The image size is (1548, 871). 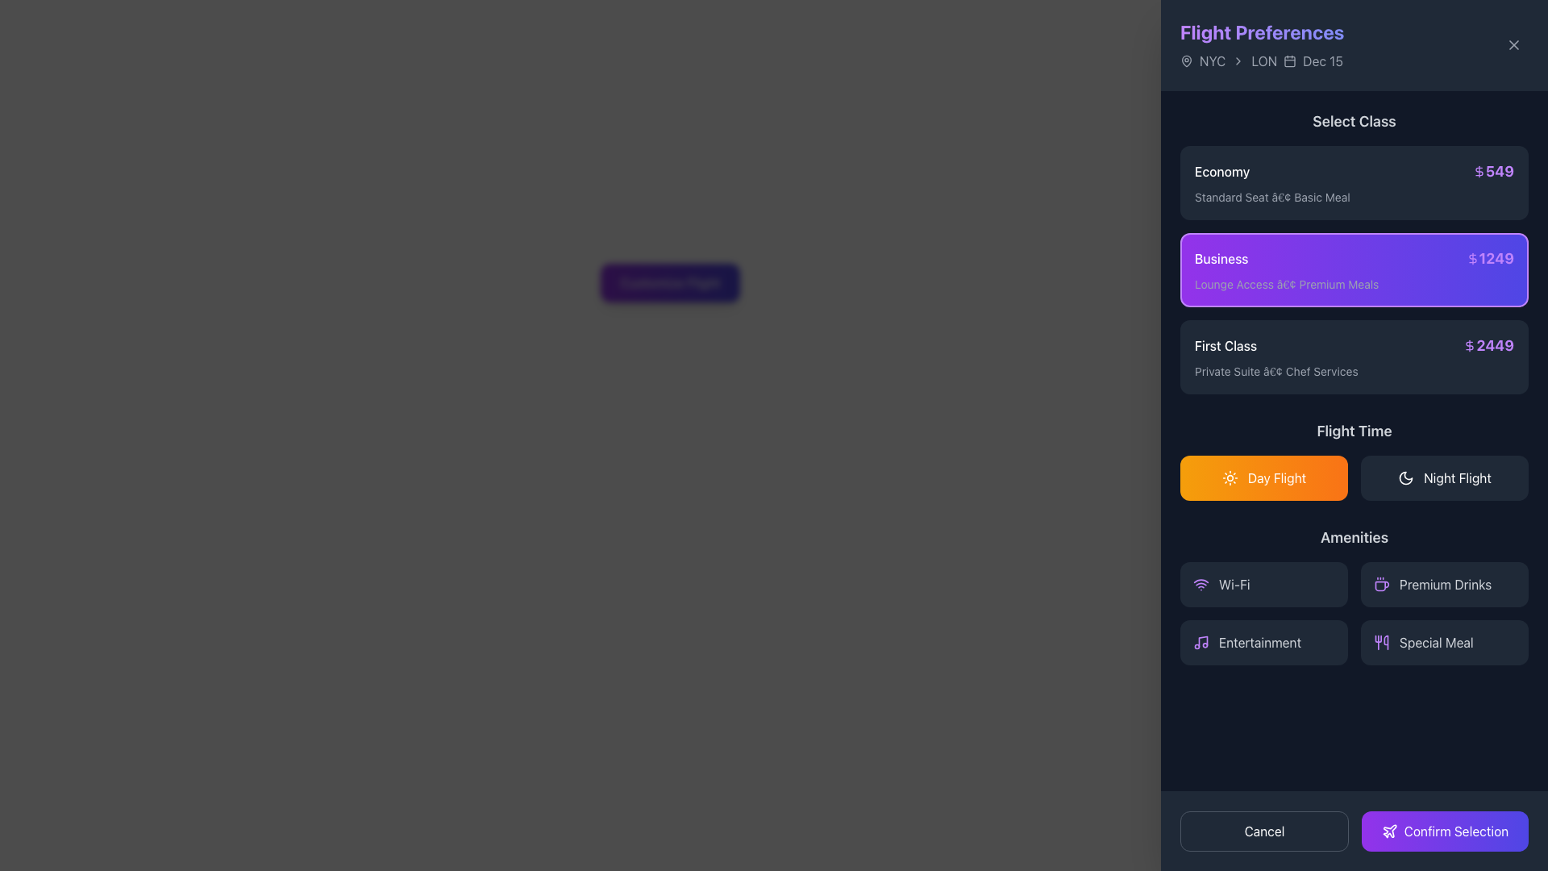 I want to click on the 'Business' button element, so click(x=1354, y=269).